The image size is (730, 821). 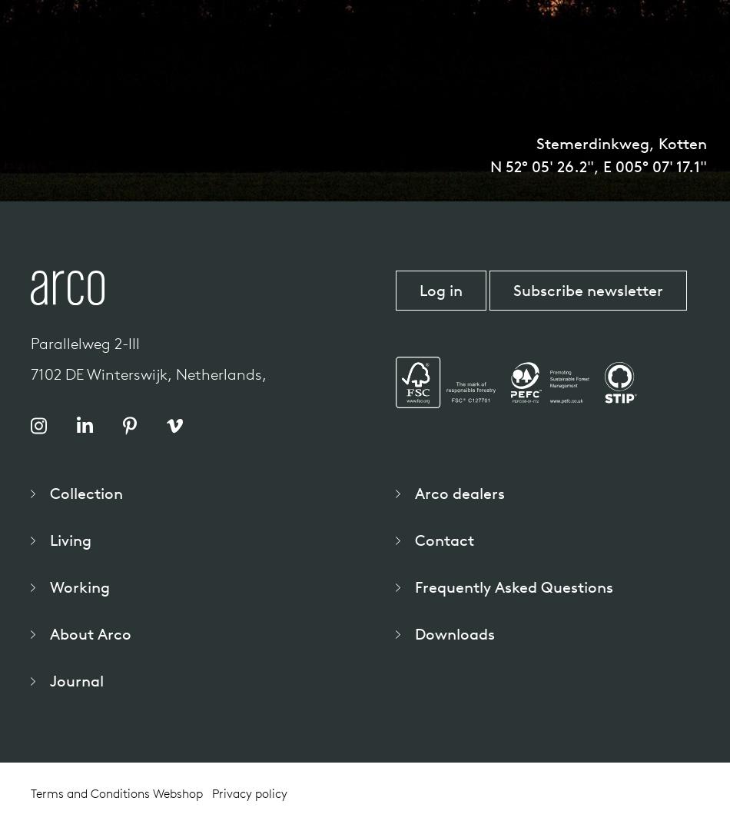 What do you see at coordinates (211, 793) in the screenshot?
I see `'Privacy policy'` at bounding box center [211, 793].